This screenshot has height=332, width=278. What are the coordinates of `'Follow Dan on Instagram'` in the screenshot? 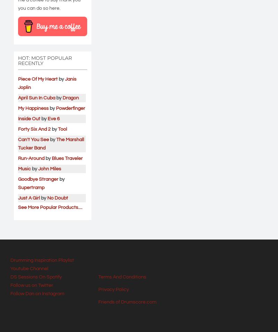 It's located at (37, 293).